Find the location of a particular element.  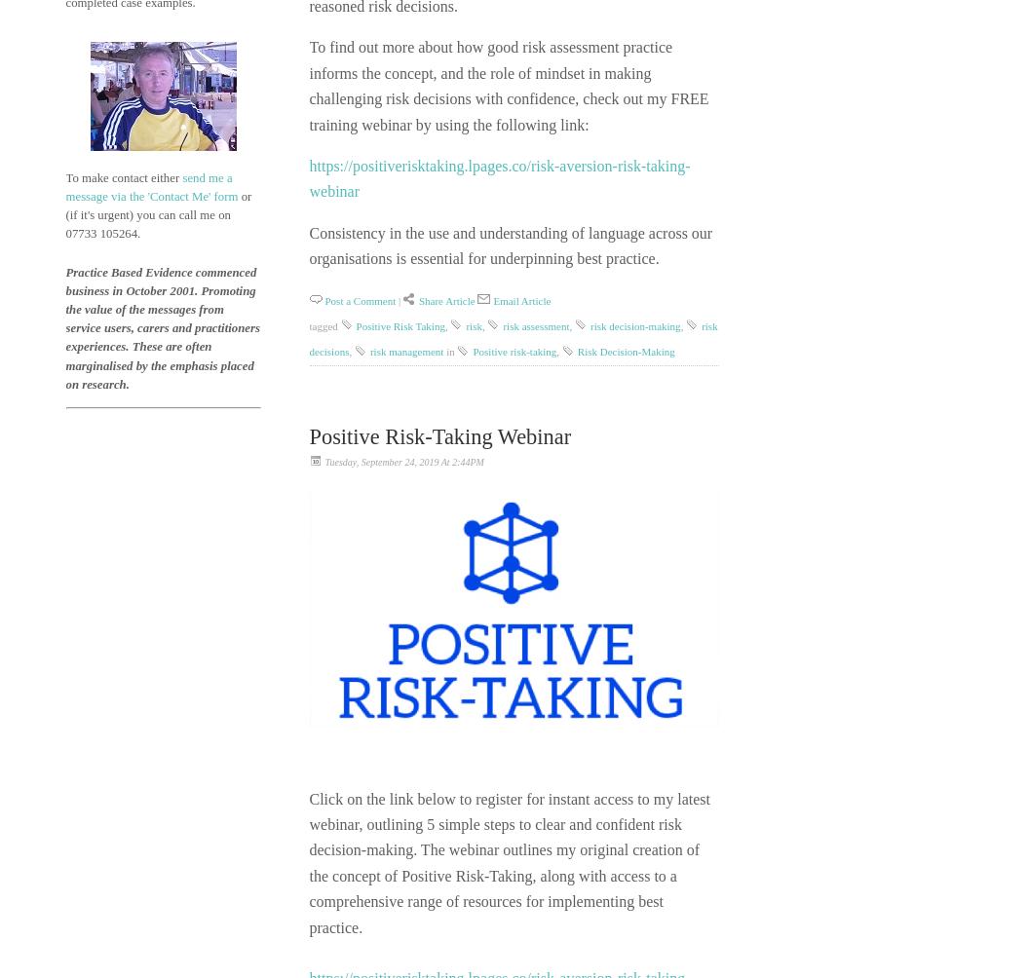

'Positive Risk-Taking Webinar' is located at coordinates (438, 434).